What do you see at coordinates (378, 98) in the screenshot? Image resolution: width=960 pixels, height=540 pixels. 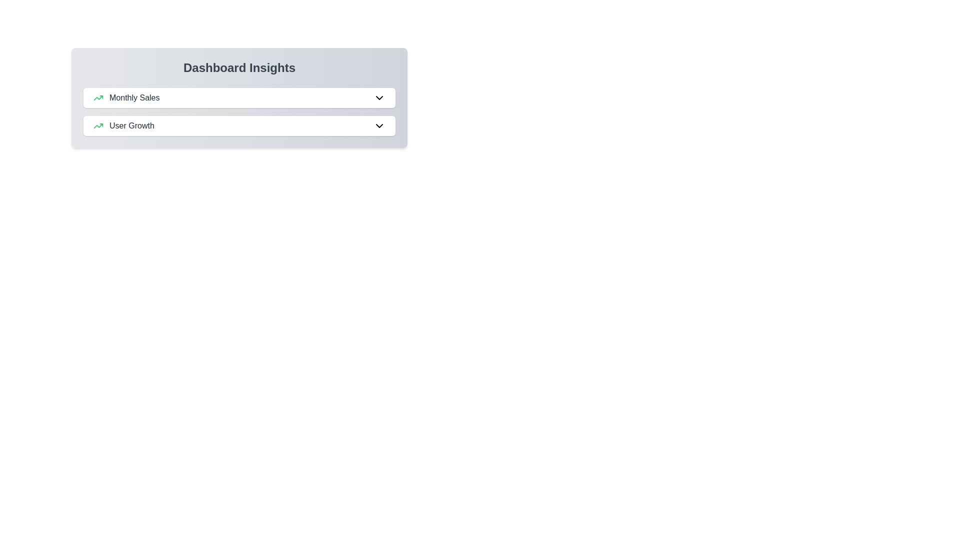 I see `the dropdown icon for Monthly Sales to toggle its details` at bounding box center [378, 98].